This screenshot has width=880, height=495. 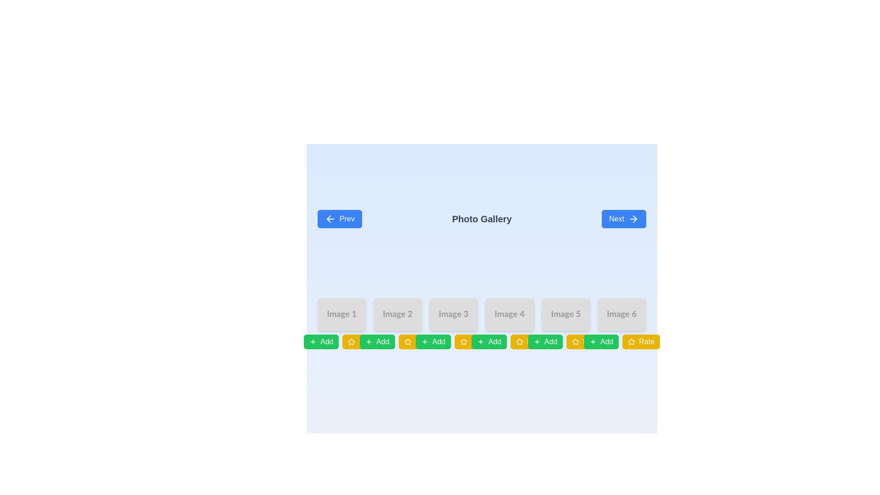 I want to click on the seventh 'Add' button located directly beneath the sixth image thumbnail, so click(x=607, y=341).